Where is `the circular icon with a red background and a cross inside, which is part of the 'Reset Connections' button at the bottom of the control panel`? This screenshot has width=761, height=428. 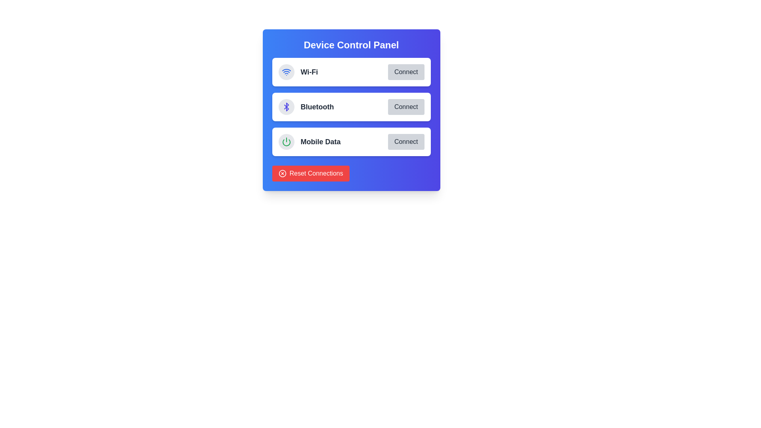 the circular icon with a red background and a cross inside, which is part of the 'Reset Connections' button at the bottom of the control panel is located at coordinates (282, 173).